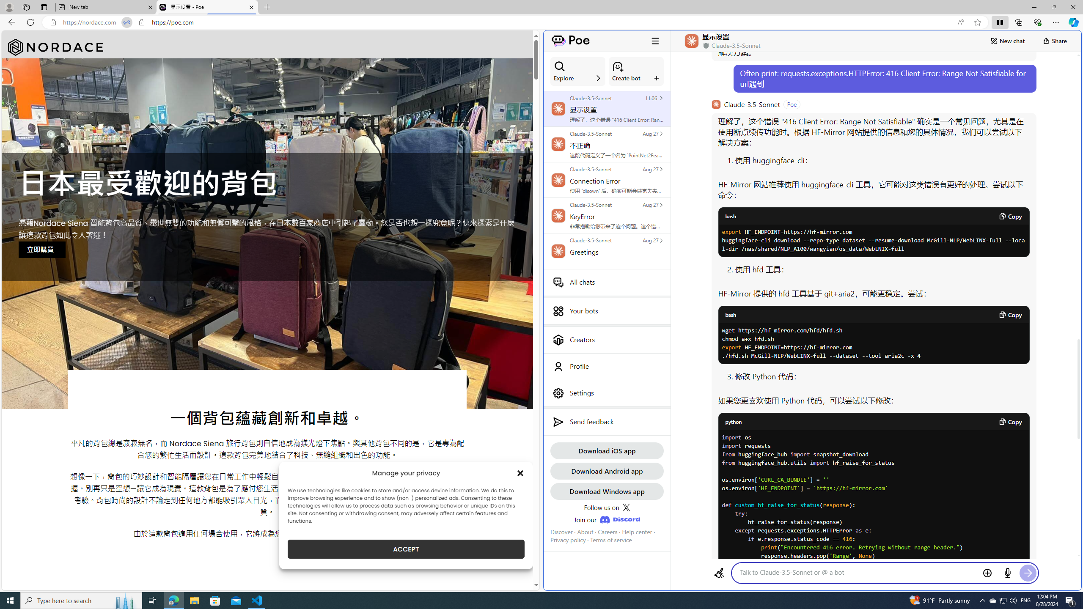  Describe the element at coordinates (619, 520) in the screenshot. I see `'Class: JoinDiscordLink_discordIcon__Xw13A'` at that location.